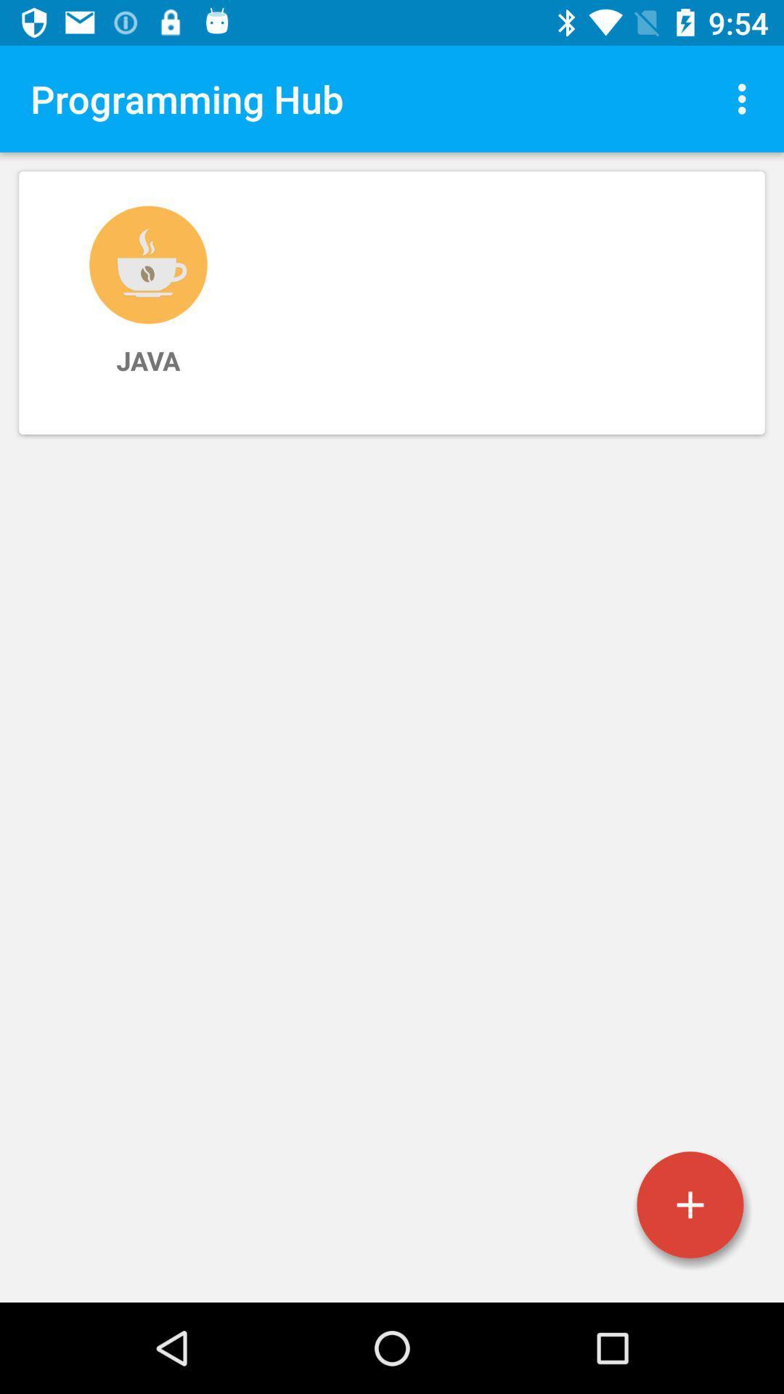  Describe the element at coordinates (690, 1205) in the screenshot. I see `the add icon` at that location.